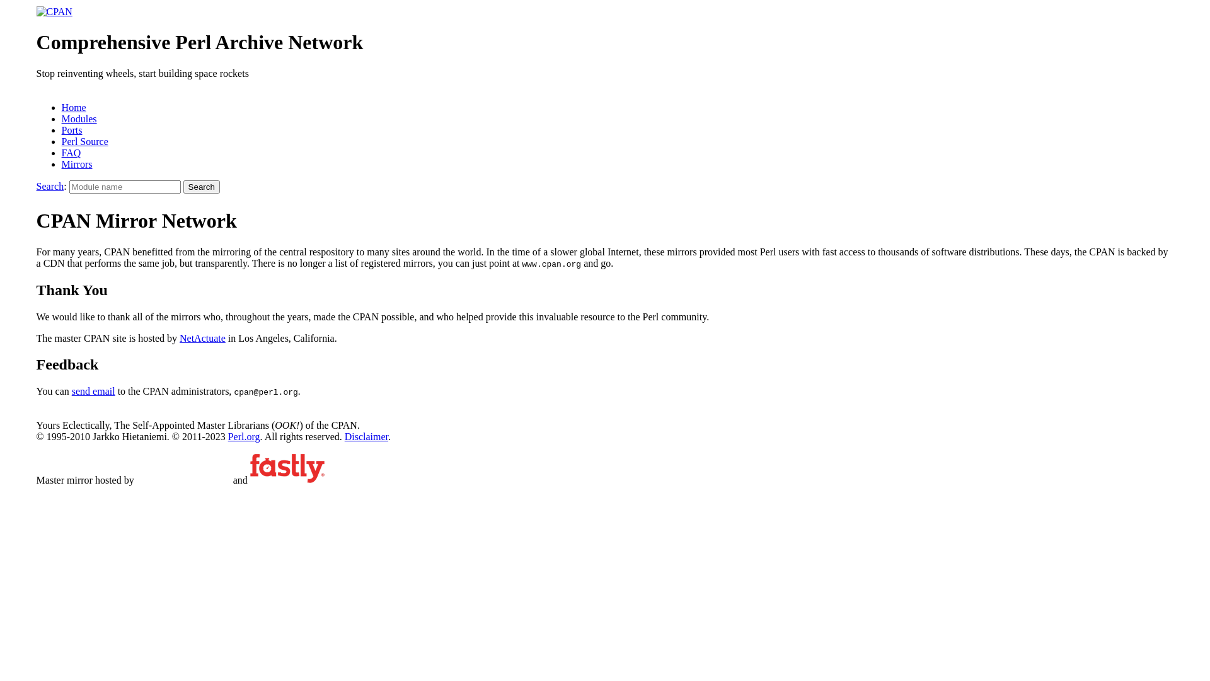 The height and width of the screenshot is (681, 1210). Describe the element at coordinates (78, 119) in the screenshot. I see `'Modules'` at that location.